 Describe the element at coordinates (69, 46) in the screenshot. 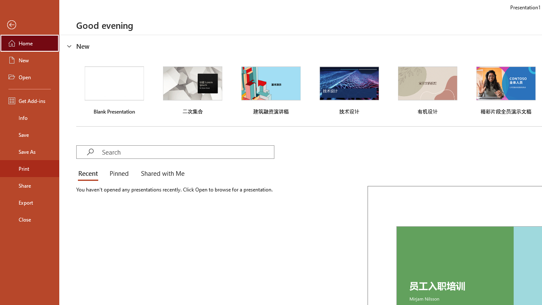

I see `'Hide or show region'` at that location.